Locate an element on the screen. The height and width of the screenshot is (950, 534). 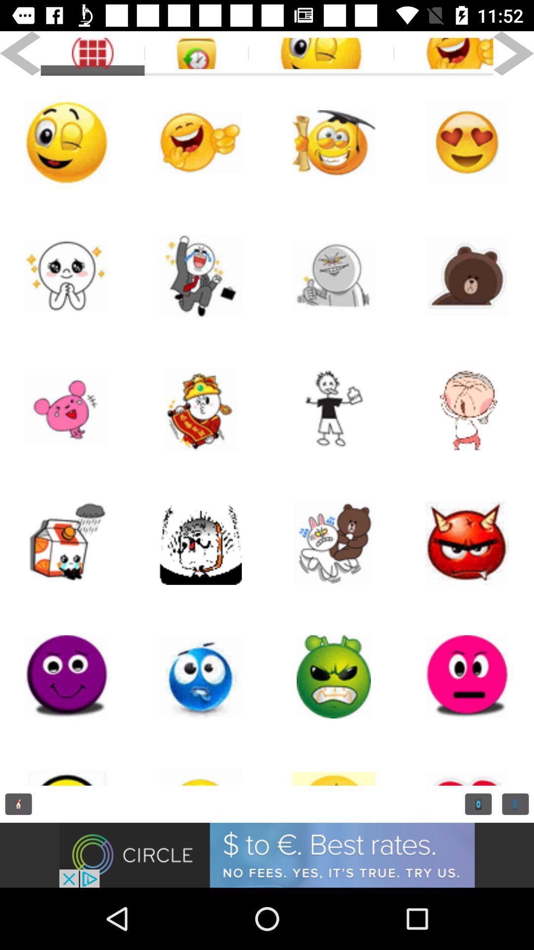
i con page is located at coordinates (67, 764).